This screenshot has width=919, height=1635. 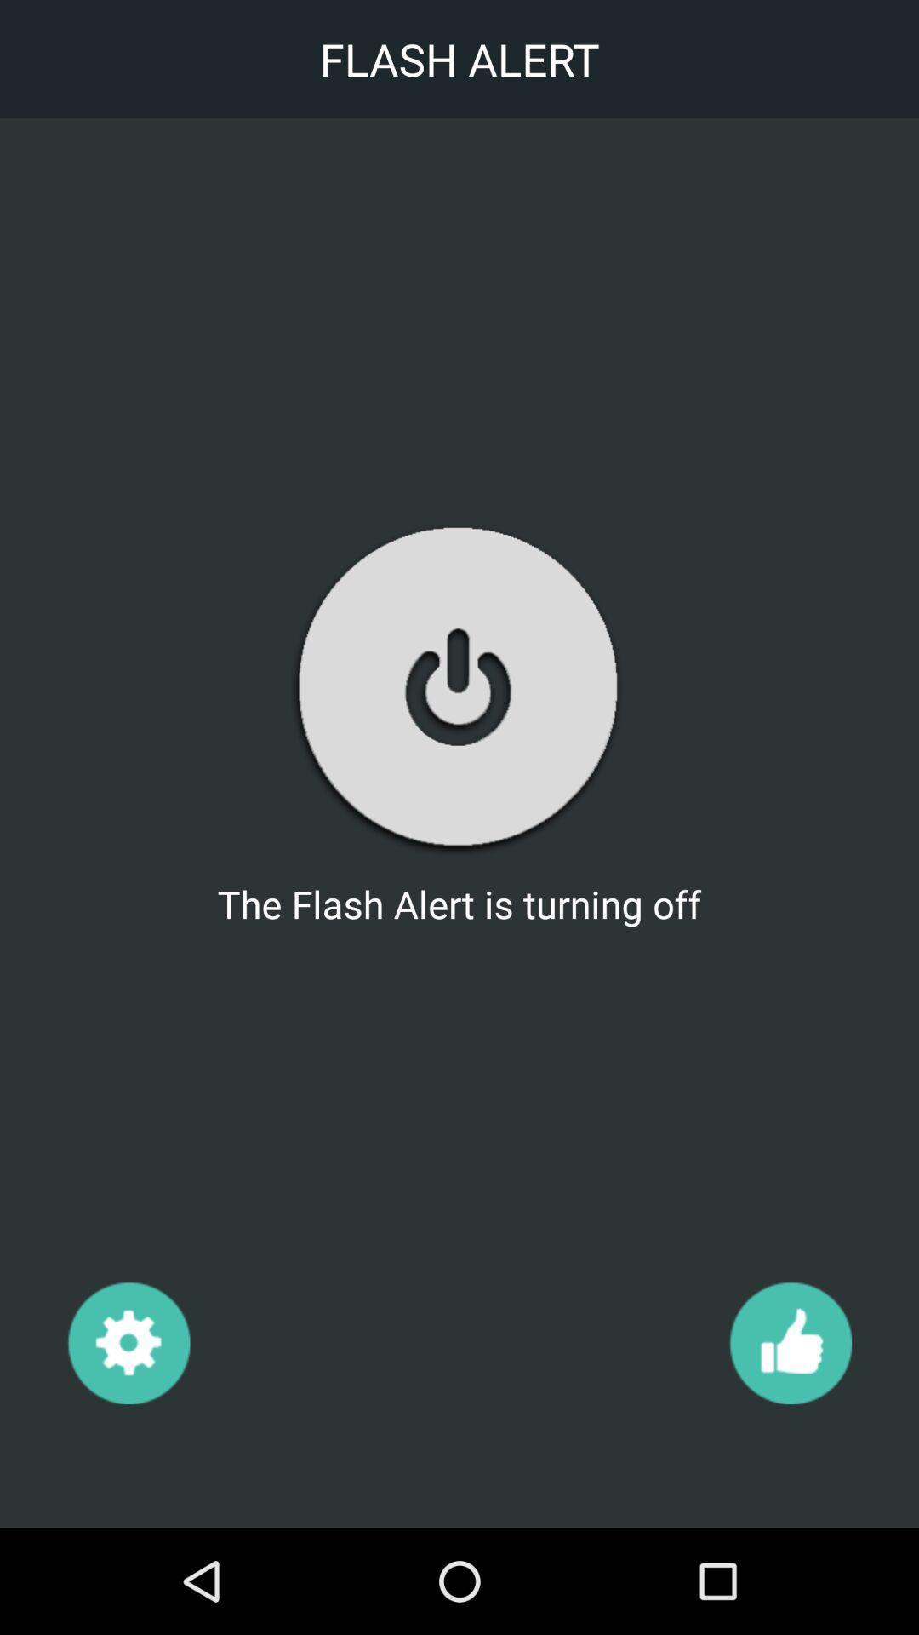 What do you see at coordinates (128, 1341) in the screenshot?
I see `settings` at bounding box center [128, 1341].